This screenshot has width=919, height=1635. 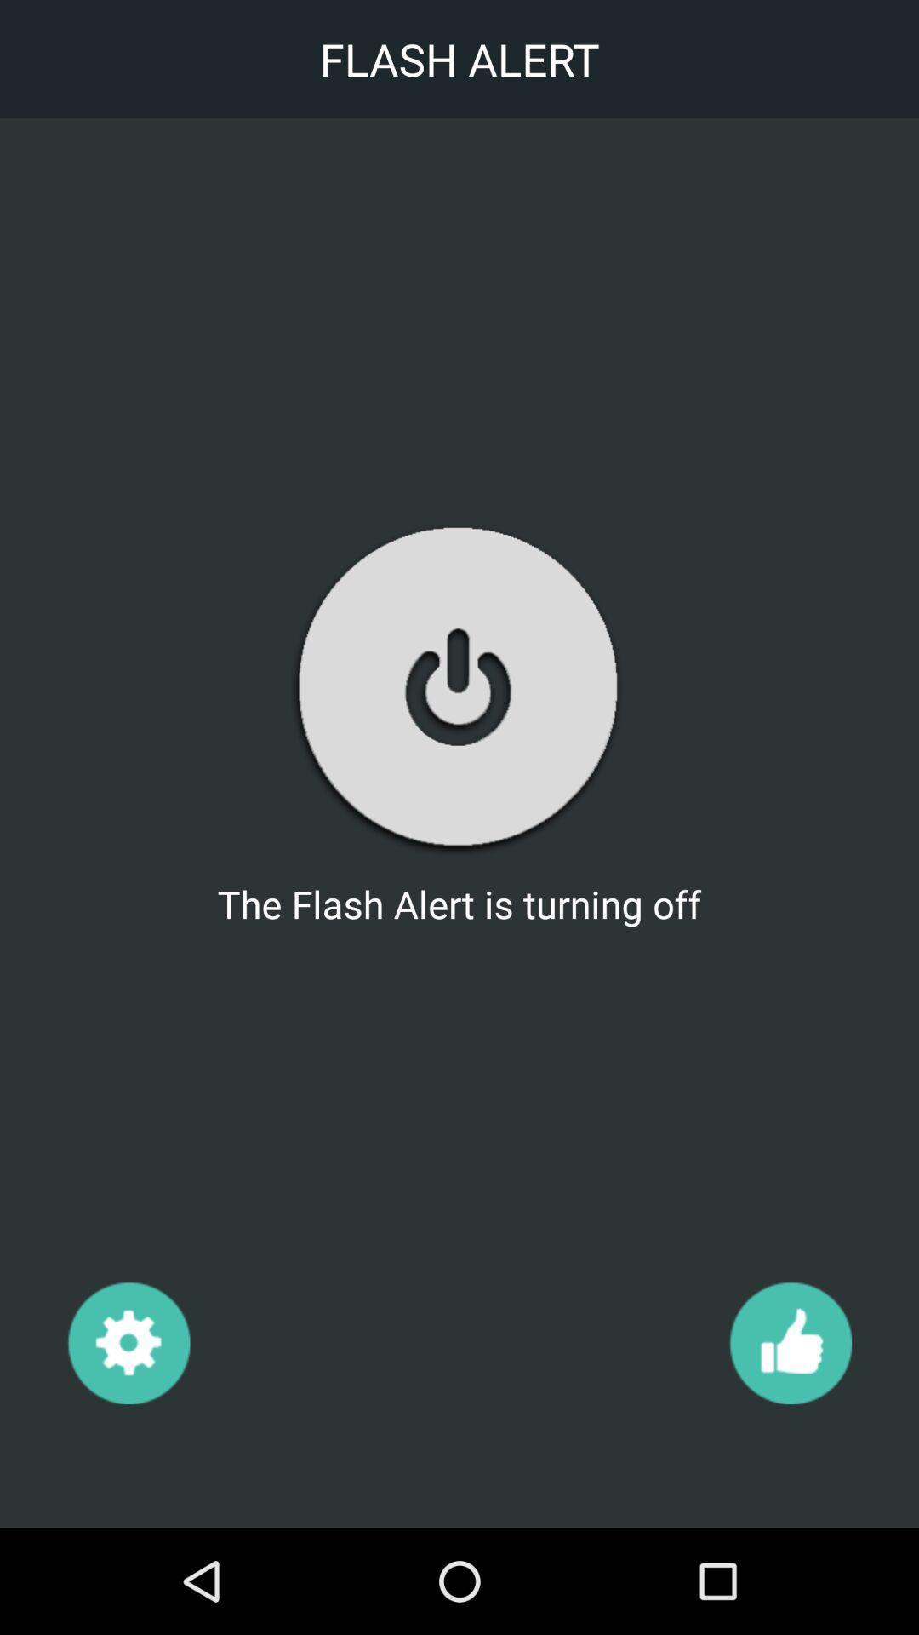 What do you see at coordinates (128, 1341) in the screenshot?
I see `settings` at bounding box center [128, 1341].